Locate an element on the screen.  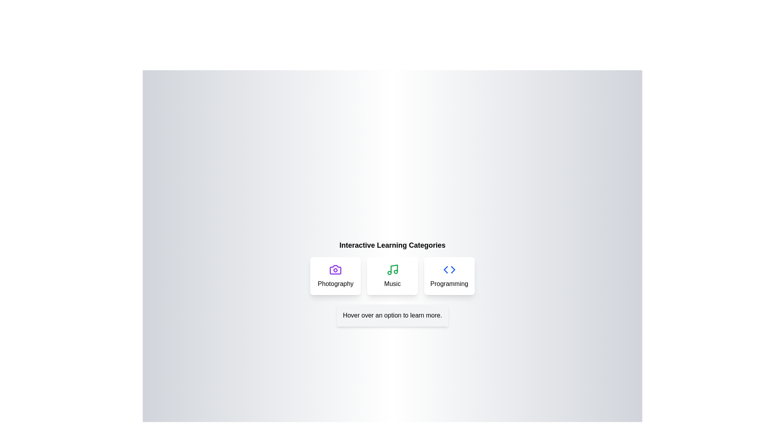
the Programming icon located in the top-center area of the Programming card, which is positioned above the text label 'Programming' is located at coordinates (449, 269).